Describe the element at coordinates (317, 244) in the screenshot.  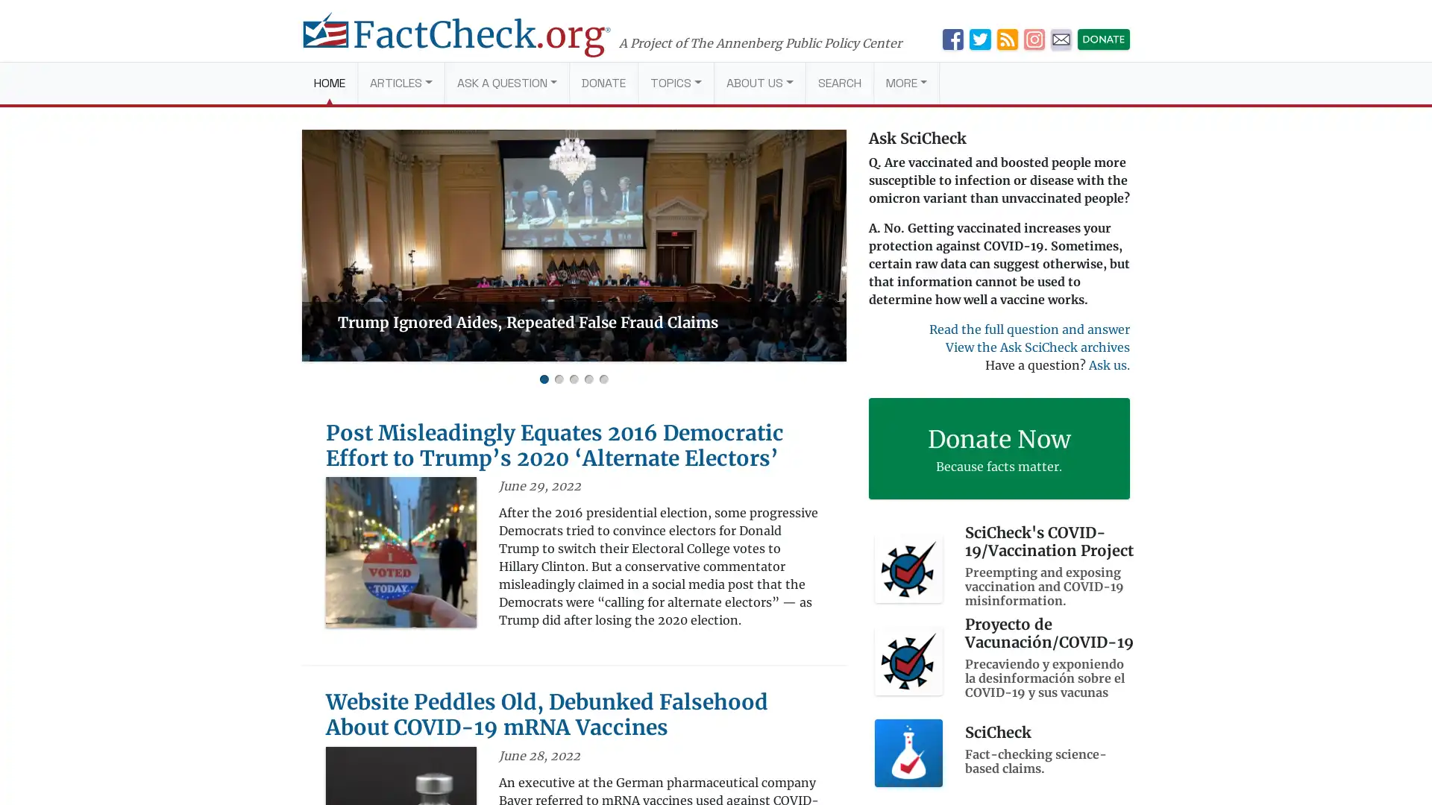
I see `Previous` at that location.